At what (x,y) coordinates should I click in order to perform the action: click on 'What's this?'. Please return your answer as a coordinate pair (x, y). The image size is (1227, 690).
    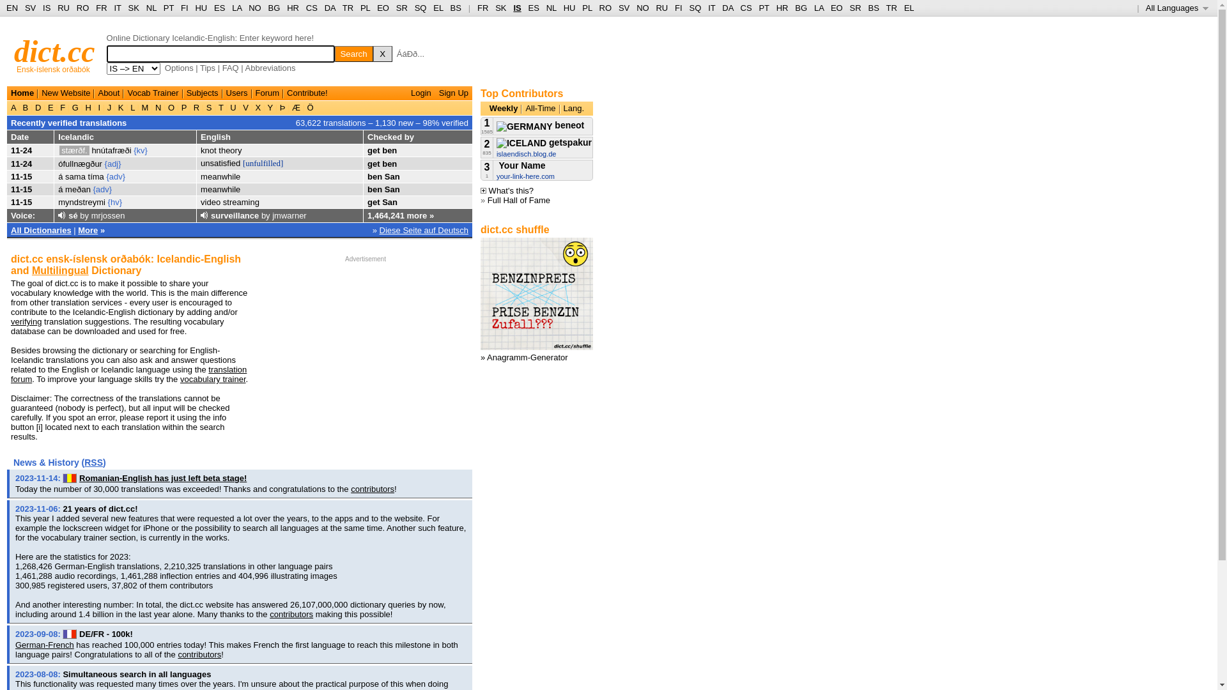
    Looking at the image, I should click on (506, 190).